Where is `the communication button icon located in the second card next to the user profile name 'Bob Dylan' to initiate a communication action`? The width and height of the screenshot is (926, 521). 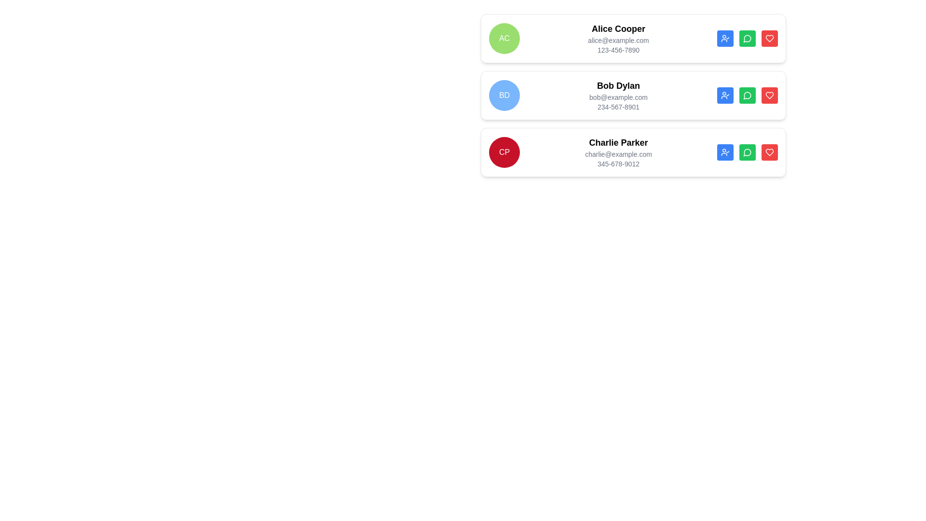 the communication button icon located in the second card next to the user profile name 'Bob Dylan' to initiate a communication action is located at coordinates (747, 96).